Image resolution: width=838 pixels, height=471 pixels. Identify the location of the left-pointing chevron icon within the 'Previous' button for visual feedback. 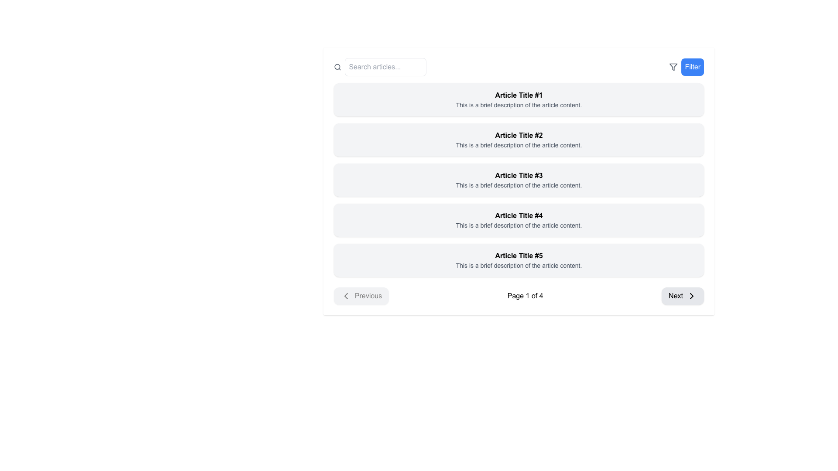
(345, 295).